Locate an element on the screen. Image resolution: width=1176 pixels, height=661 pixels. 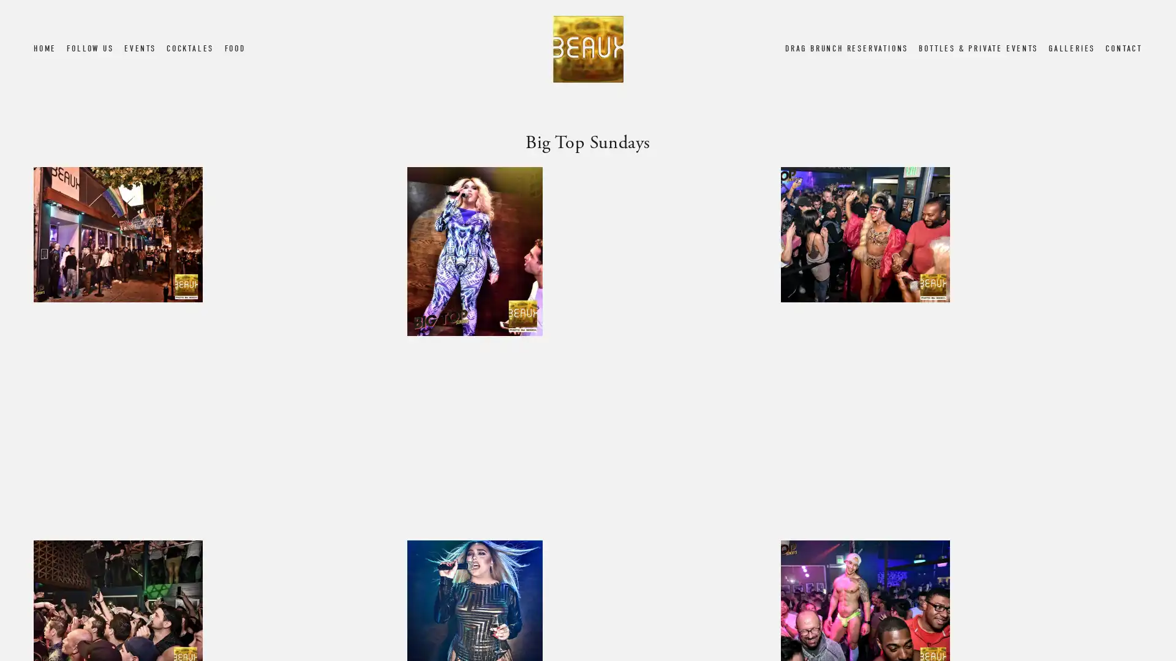
View fullsize Big Top Sunday 3.jpg is located at coordinates (960, 347).